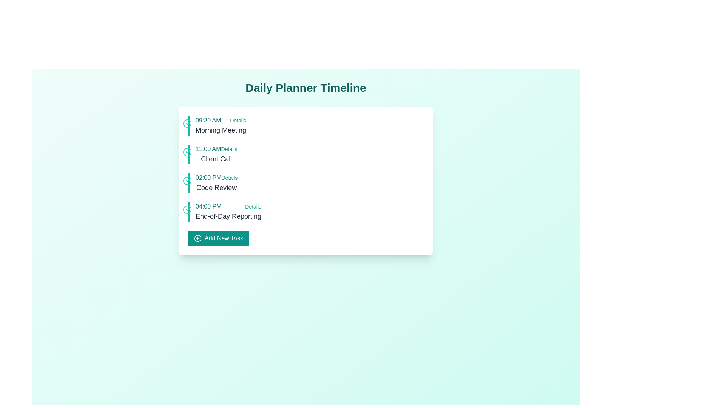 This screenshot has width=725, height=408. What do you see at coordinates (187, 152) in the screenshot?
I see `the teal circular icon with a checkmark located immediately to the left of the text '11:00 AM Client Call' in the timeline interface` at bounding box center [187, 152].